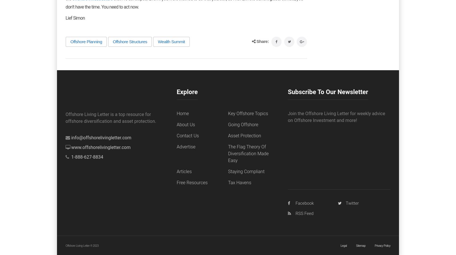 The height and width of the screenshot is (255, 456). What do you see at coordinates (239, 182) in the screenshot?
I see `'Tax Havens'` at bounding box center [239, 182].